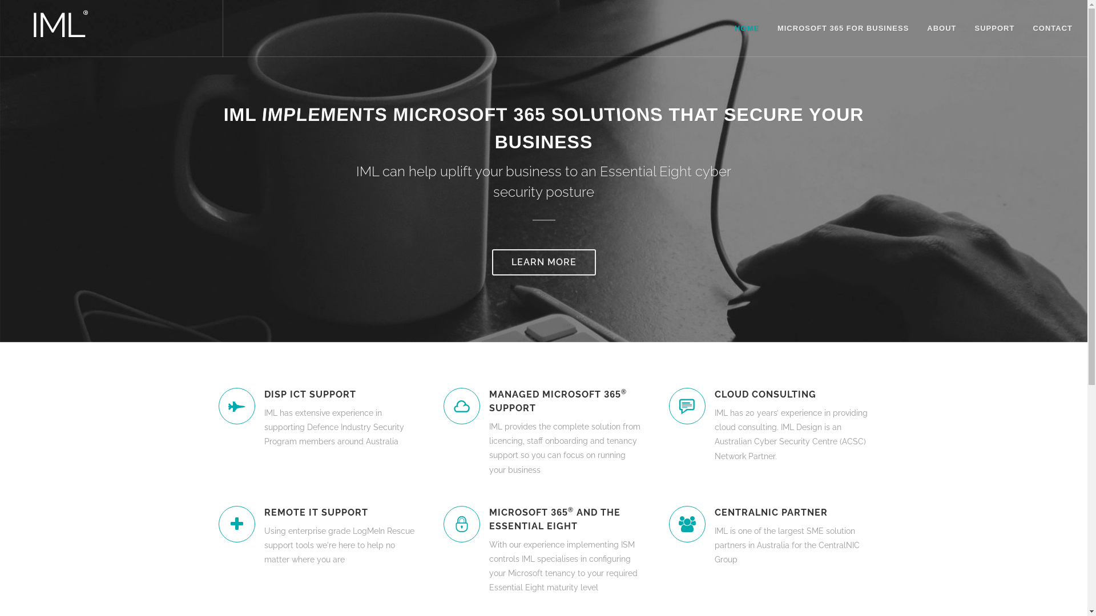  I want to click on 'SUPPORT', so click(994, 28).